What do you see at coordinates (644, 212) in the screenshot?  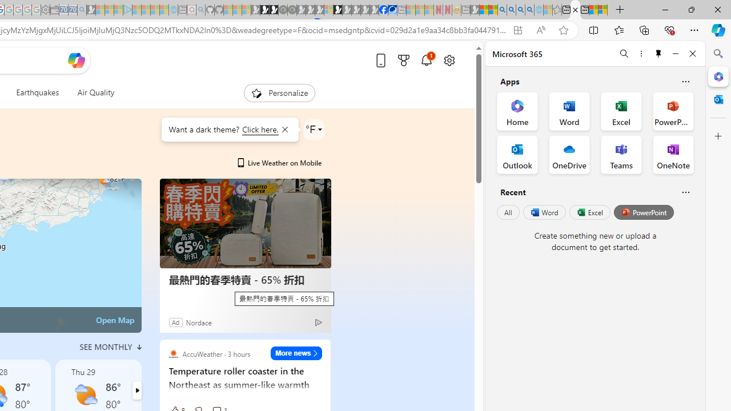 I see `'PowerPoint'` at bounding box center [644, 212].